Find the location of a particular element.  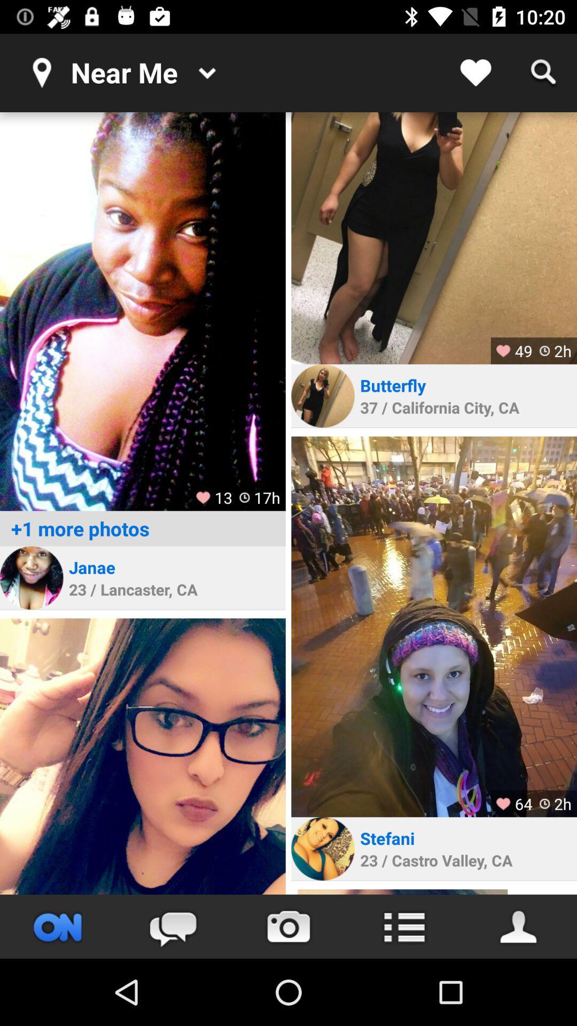

will switch to the main profile page of the user is located at coordinates (519, 926).